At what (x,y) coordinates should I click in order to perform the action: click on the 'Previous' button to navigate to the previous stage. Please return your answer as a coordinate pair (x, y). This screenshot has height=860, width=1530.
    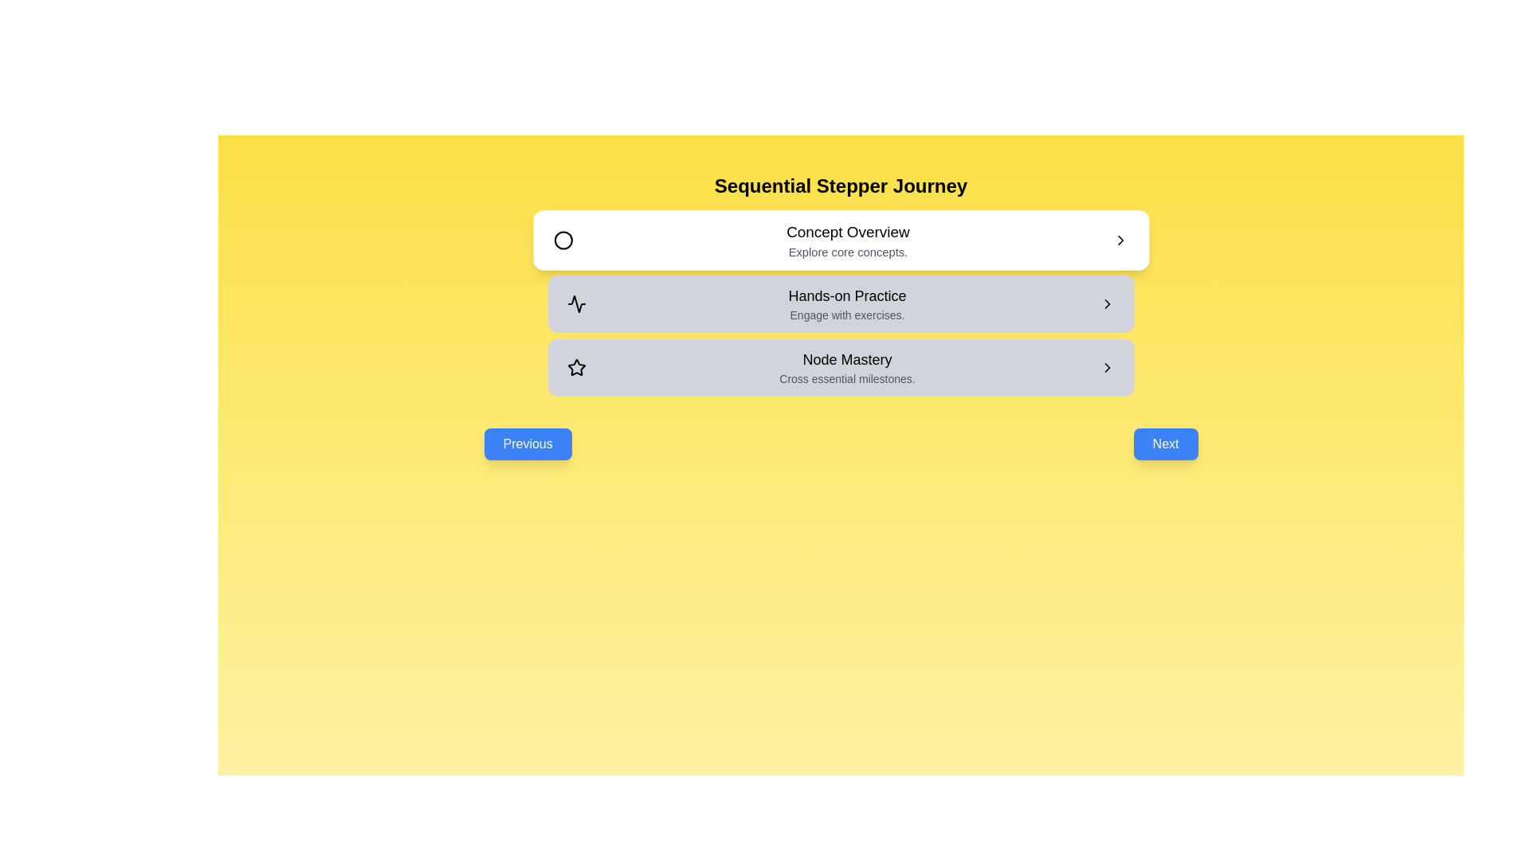
    Looking at the image, I should click on (528, 444).